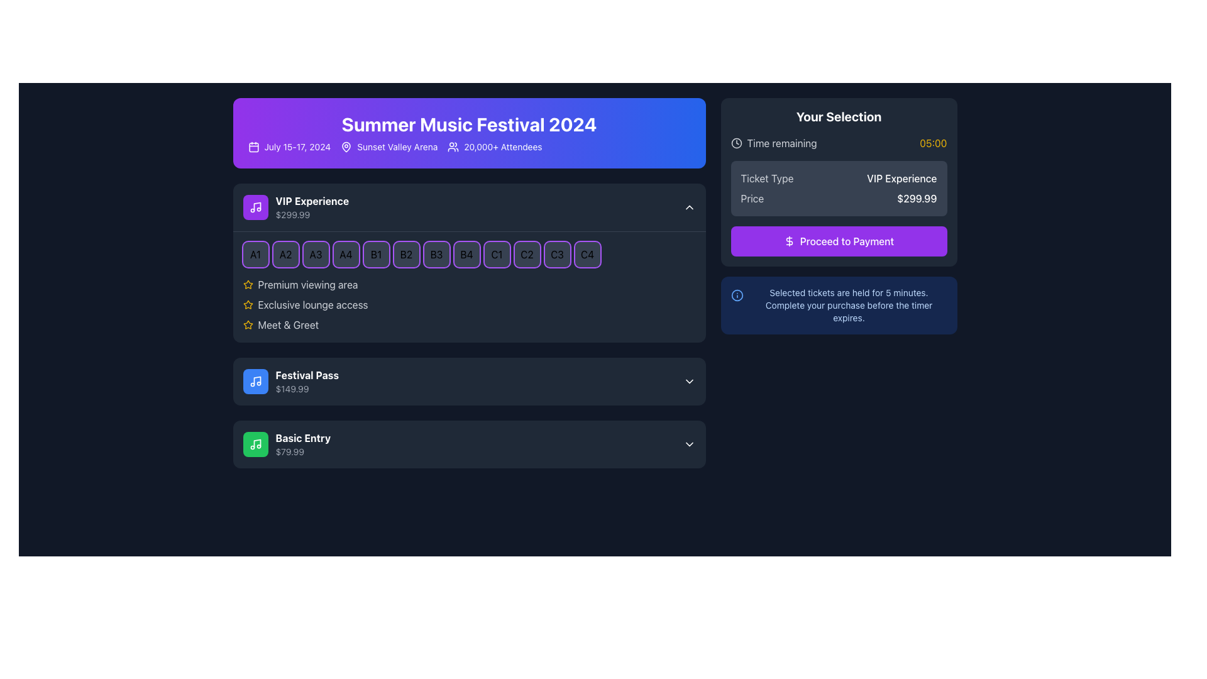 Image resolution: width=1207 pixels, height=679 pixels. Describe the element at coordinates (468, 124) in the screenshot. I see `the bold, large static text label reading 'Summer Music Festival 2024' that is styled in white on a gradient purple to blue background, positioned centrally in the top section of the interface` at that location.